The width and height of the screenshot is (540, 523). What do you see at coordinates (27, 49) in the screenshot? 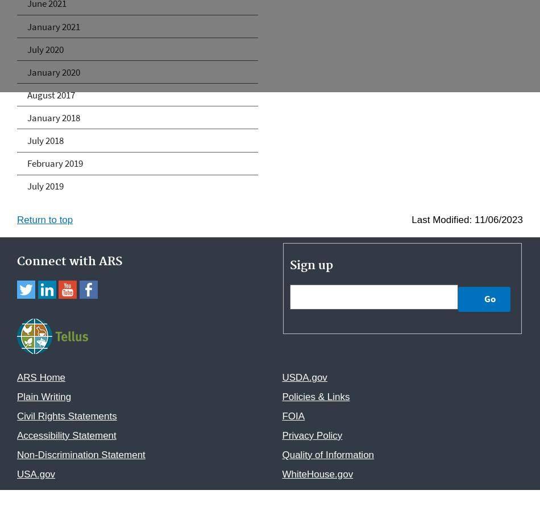
I see `'July 2020'` at bounding box center [27, 49].